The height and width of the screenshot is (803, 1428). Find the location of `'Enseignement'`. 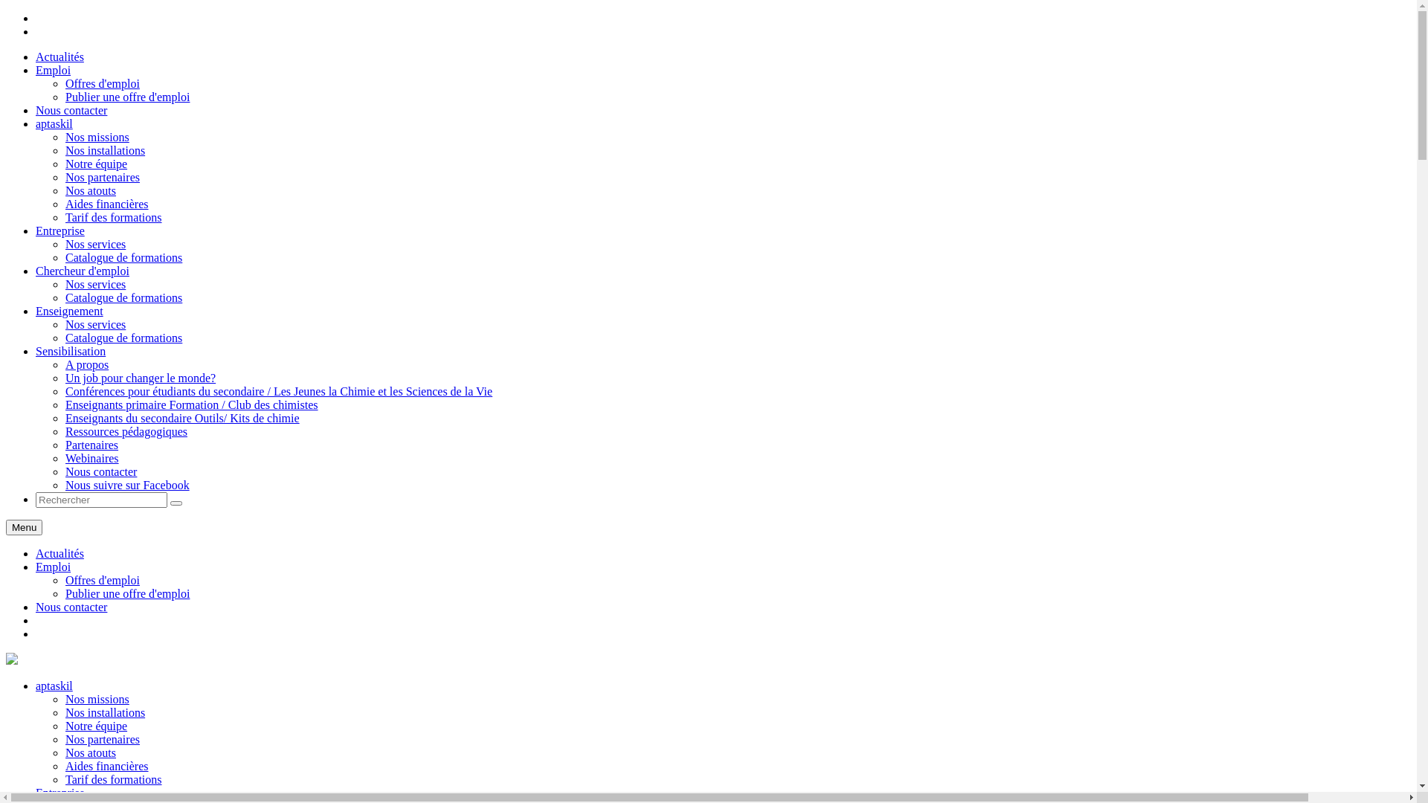

'Enseignement' is located at coordinates (68, 310).